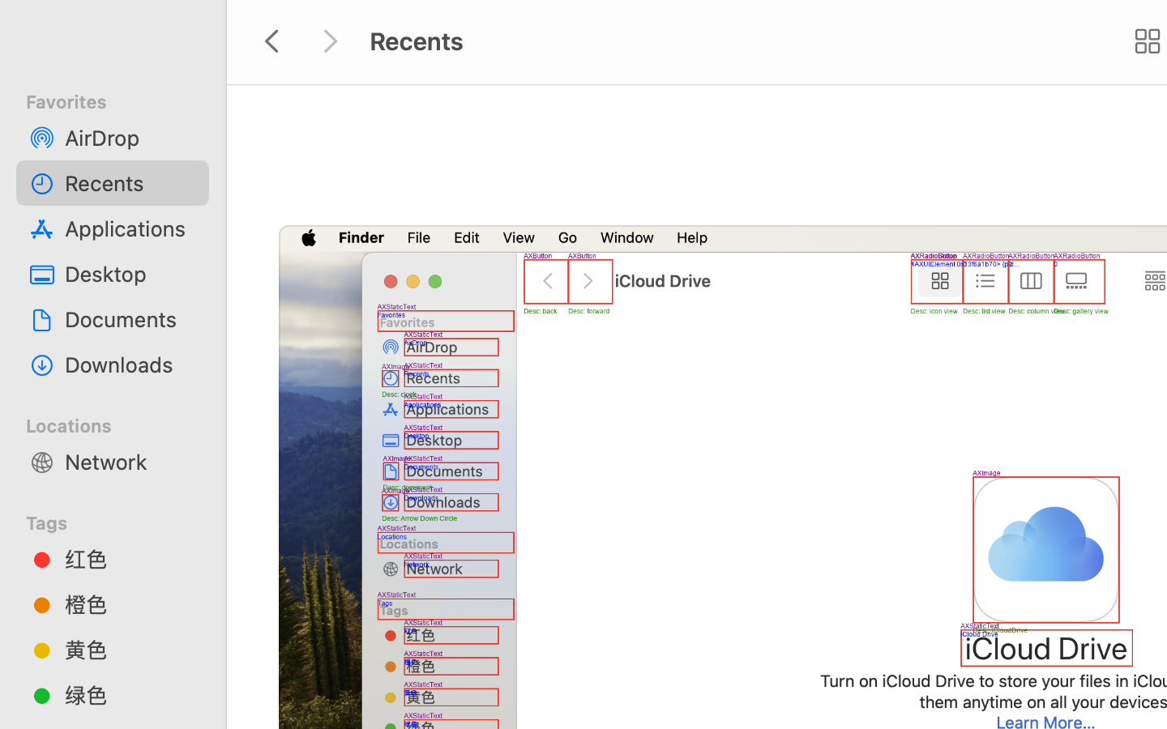 The image size is (1167, 729). What do you see at coordinates (129, 364) in the screenshot?
I see `'Downloads'` at bounding box center [129, 364].